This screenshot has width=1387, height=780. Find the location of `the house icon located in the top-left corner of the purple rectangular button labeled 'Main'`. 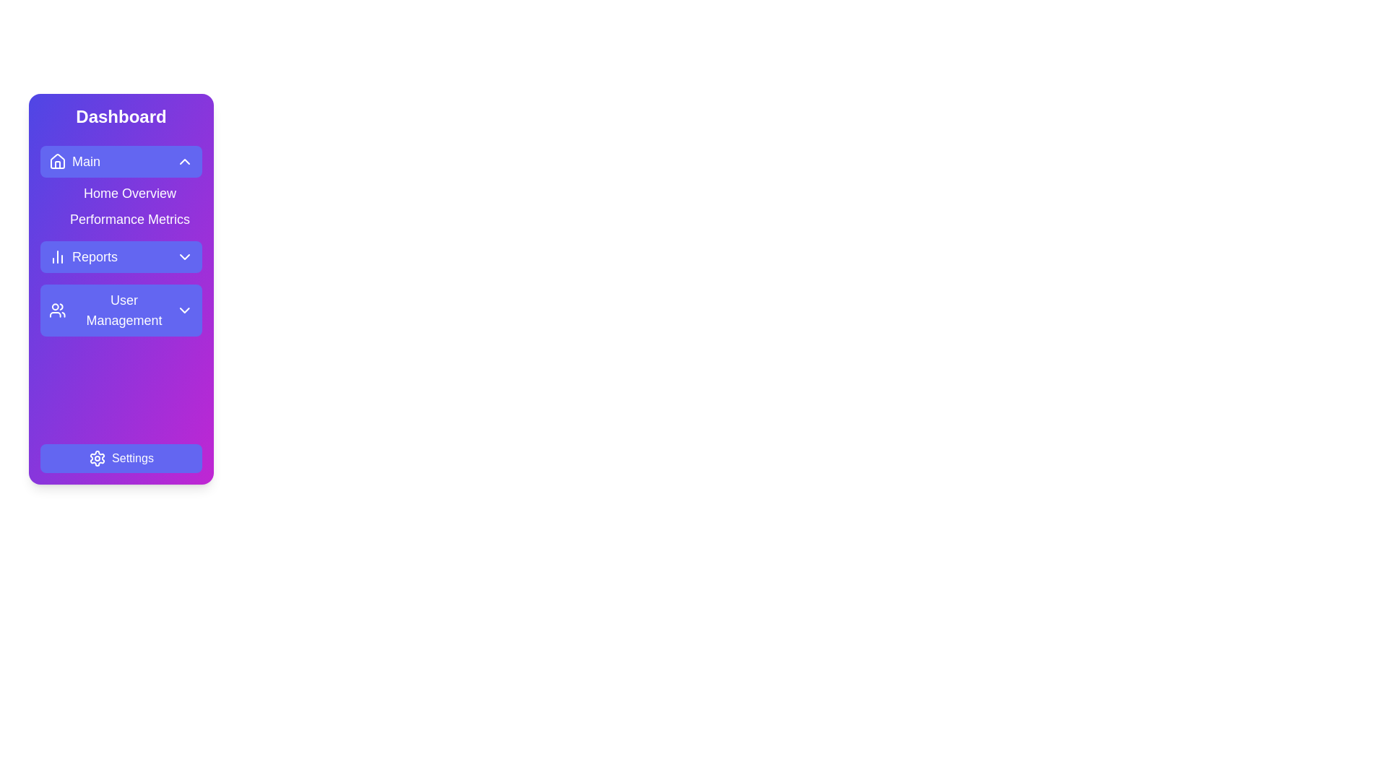

the house icon located in the top-left corner of the purple rectangular button labeled 'Main' is located at coordinates (58, 161).